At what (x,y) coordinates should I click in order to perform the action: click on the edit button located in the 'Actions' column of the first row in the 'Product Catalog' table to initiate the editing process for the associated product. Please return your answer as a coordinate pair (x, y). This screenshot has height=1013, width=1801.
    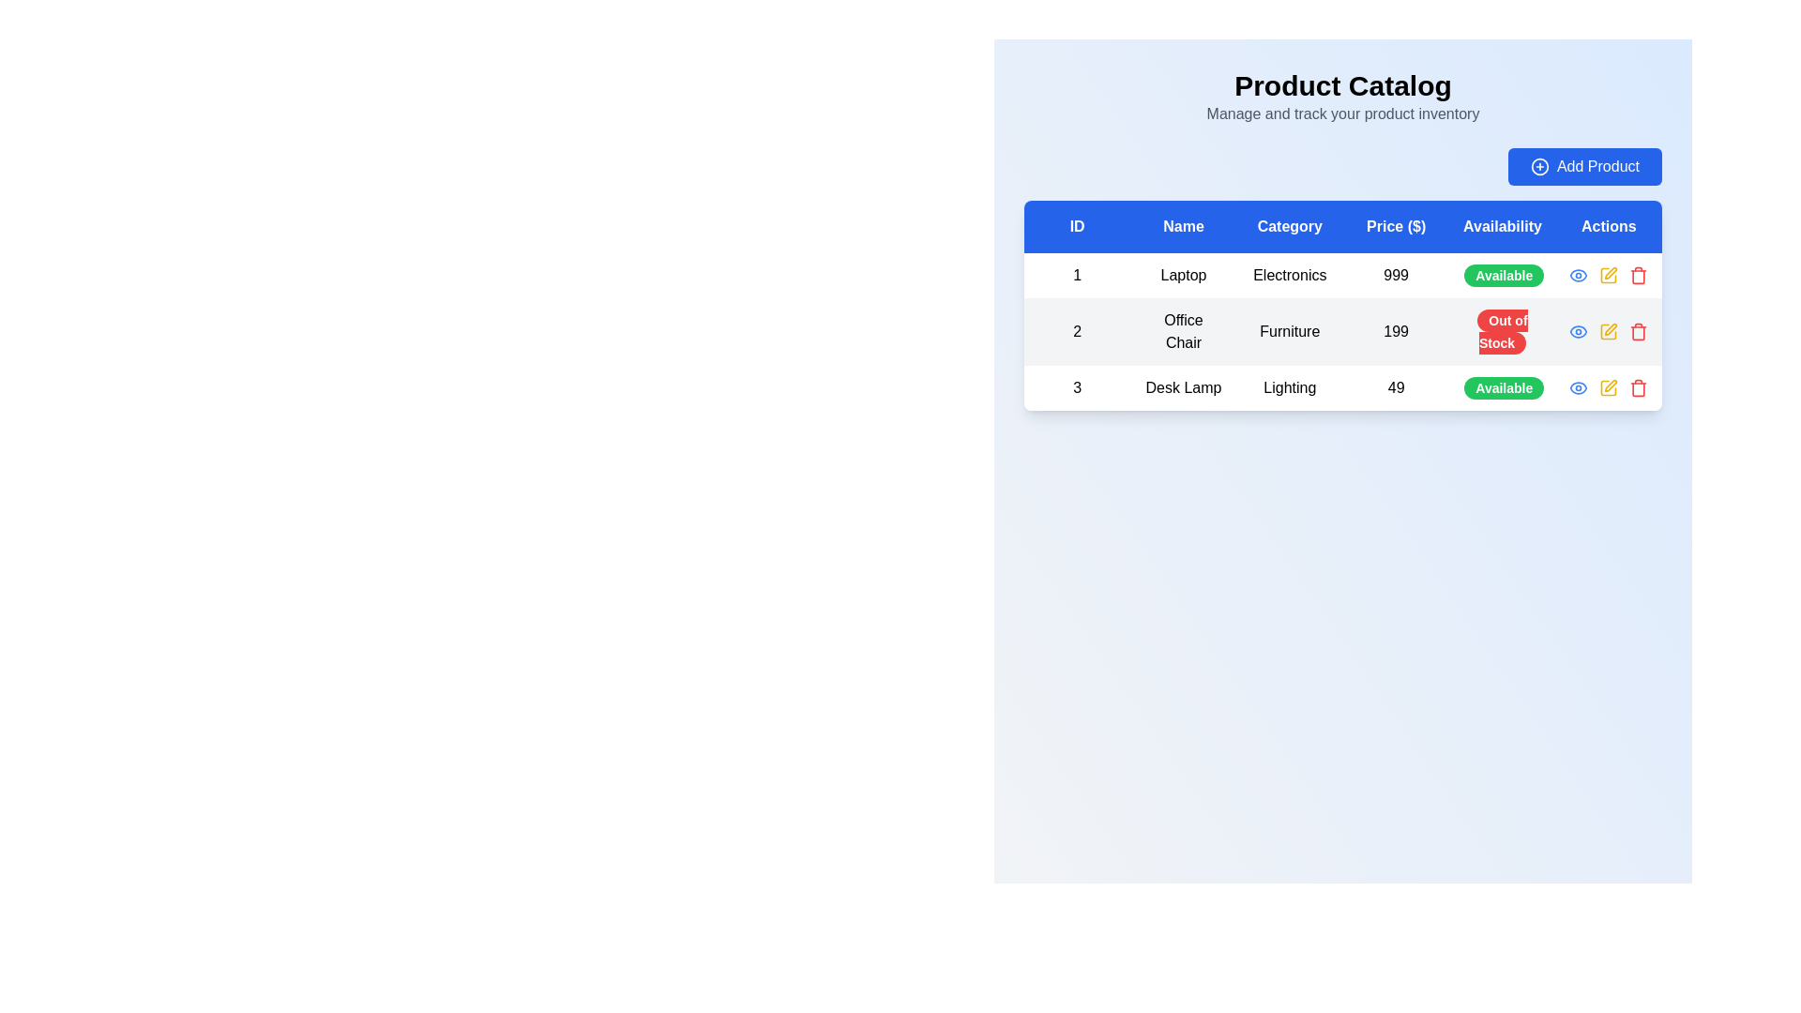
    Looking at the image, I should click on (1608, 275).